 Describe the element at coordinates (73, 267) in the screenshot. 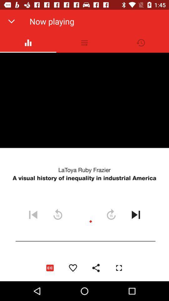

I see `the favorite icon` at that location.